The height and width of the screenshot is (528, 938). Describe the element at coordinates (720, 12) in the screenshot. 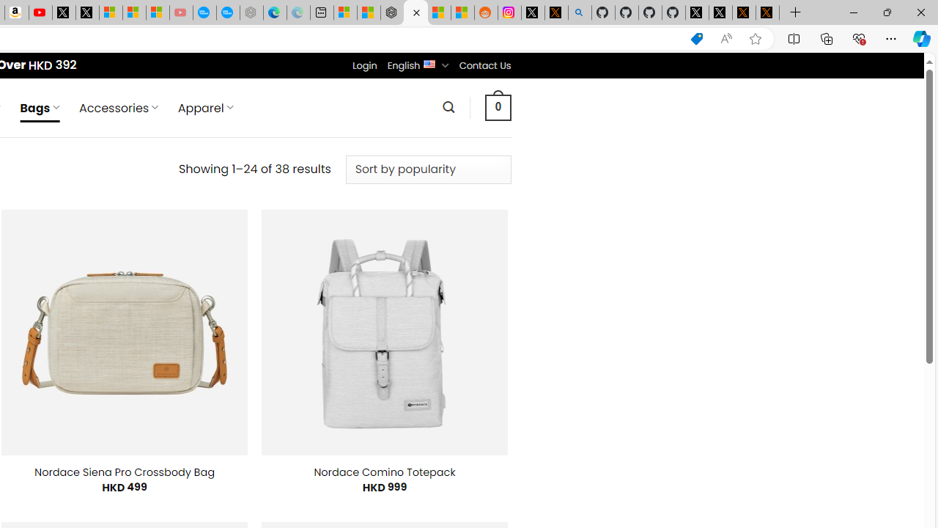

I see `'GitHub (@github) / X'` at that location.